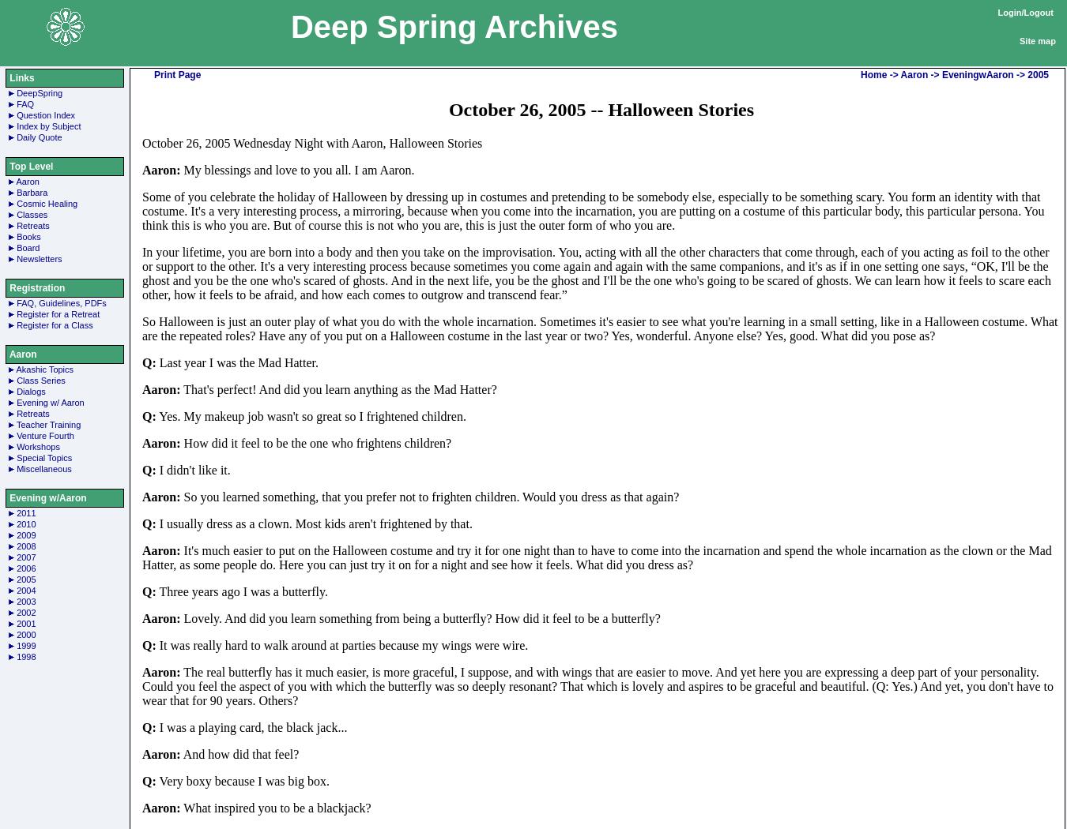 Image resolution: width=1067 pixels, height=829 pixels. Describe the element at coordinates (337, 388) in the screenshot. I see `'That's perfect! And did you learn anything as the Mad Hatter?'` at that location.